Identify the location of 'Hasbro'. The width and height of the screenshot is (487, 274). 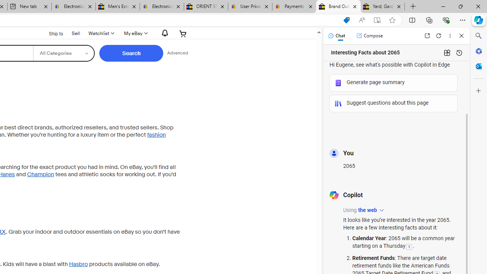
(78, 264).